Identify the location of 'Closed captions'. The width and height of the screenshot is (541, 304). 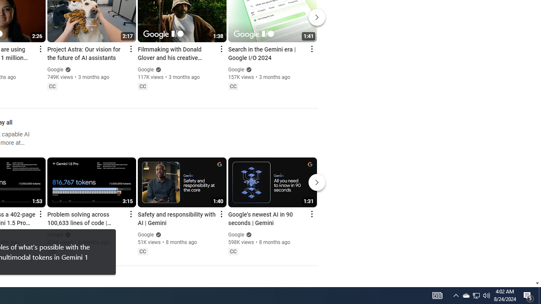
(233, 251).